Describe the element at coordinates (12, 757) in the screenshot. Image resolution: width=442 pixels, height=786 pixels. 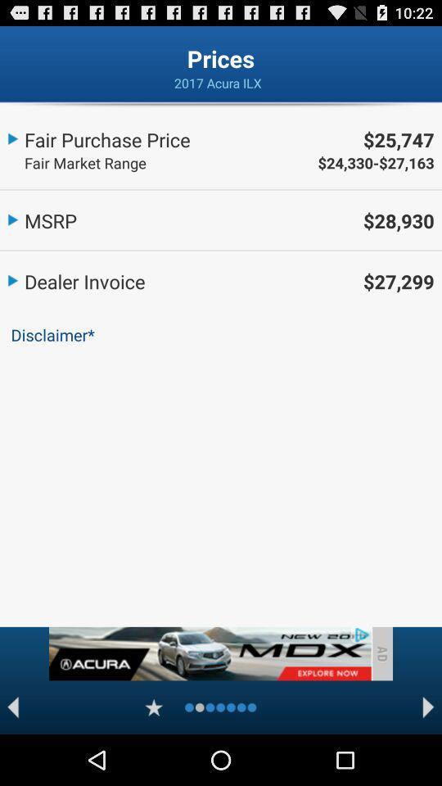
I see `the arrow_backward icon` at that location.